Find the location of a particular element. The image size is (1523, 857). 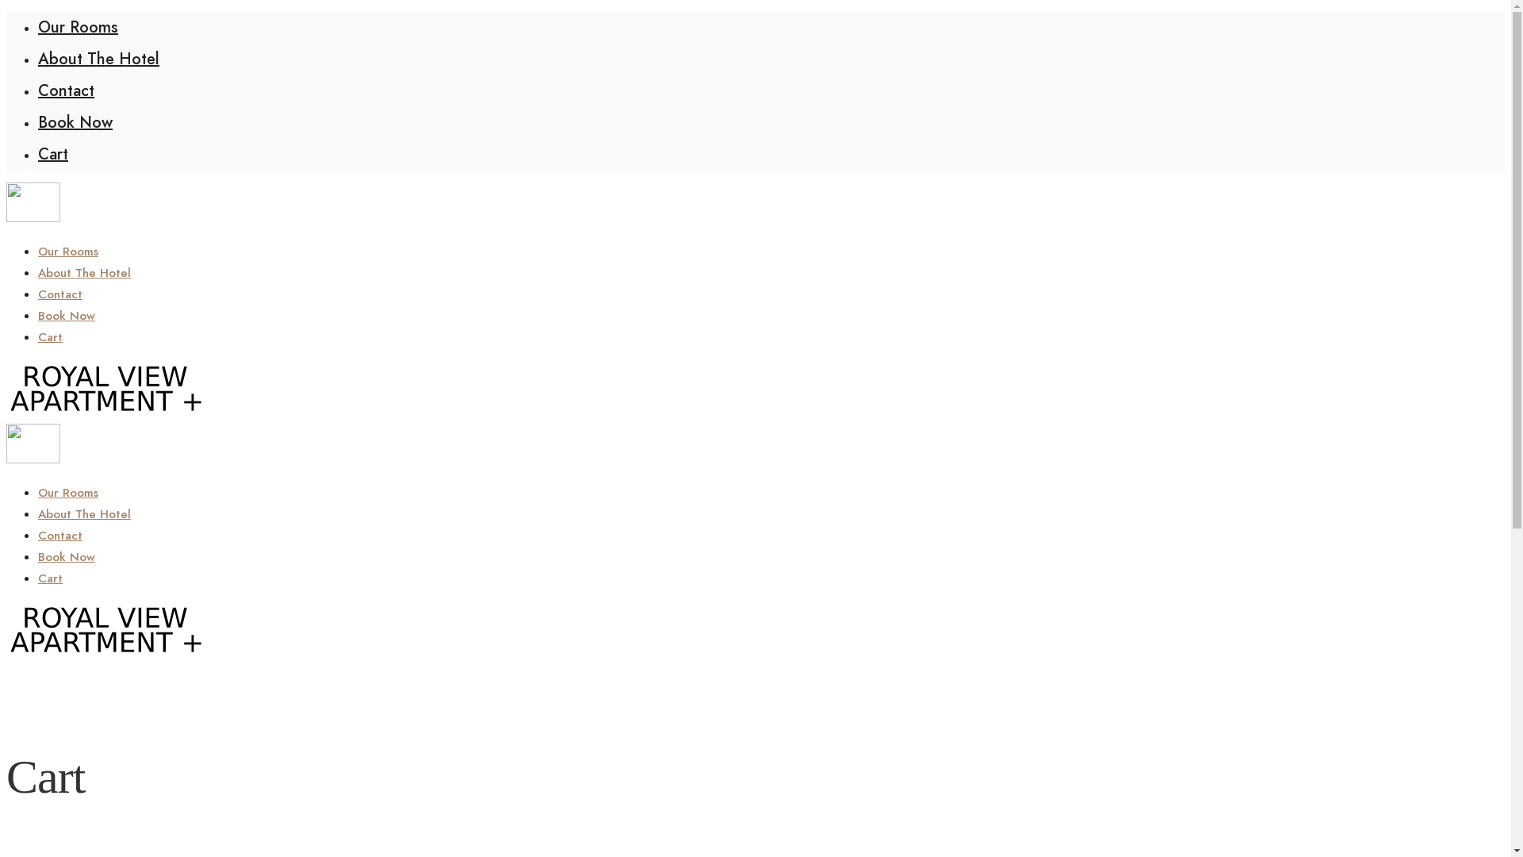

'Contact' is located at coordinates (65, 90).